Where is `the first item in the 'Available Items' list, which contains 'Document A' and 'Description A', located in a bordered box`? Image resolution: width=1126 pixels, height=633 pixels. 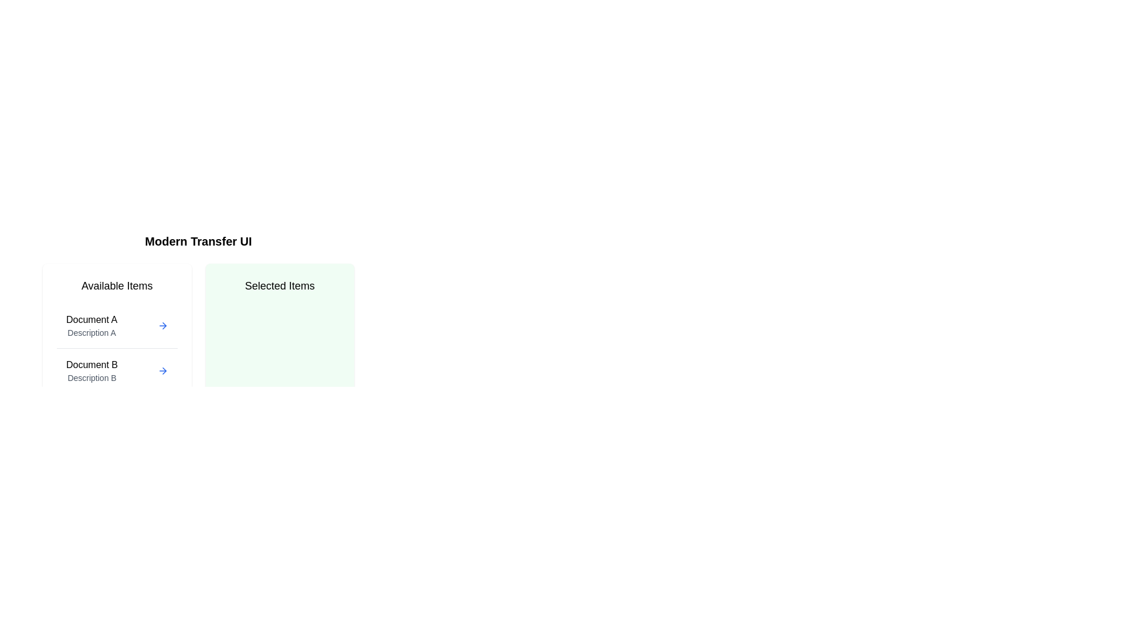 the first item in the 'Available Items' list, which contains 'Document A' and 'Description A', located in a bordered box is located at coordinates (91, 325).